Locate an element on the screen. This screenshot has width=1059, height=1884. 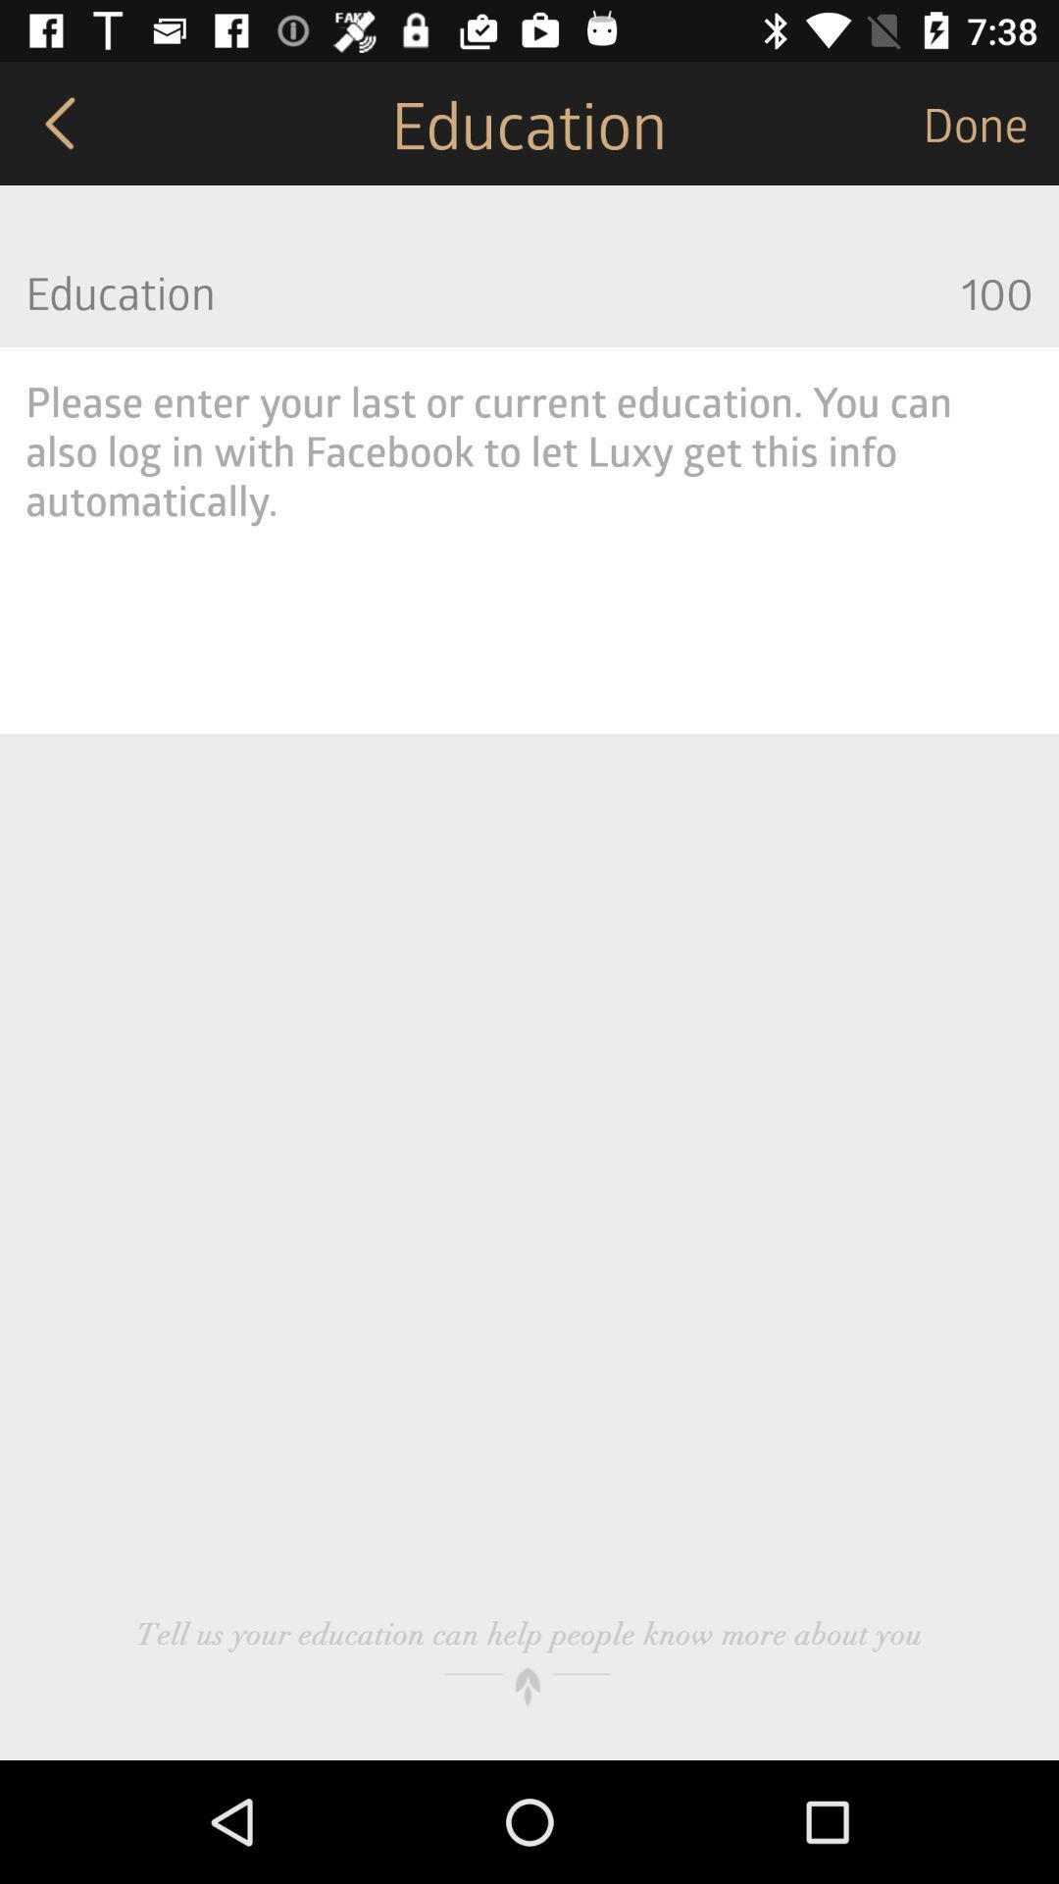
item next to the education icon is located at coordinates (990, 122).